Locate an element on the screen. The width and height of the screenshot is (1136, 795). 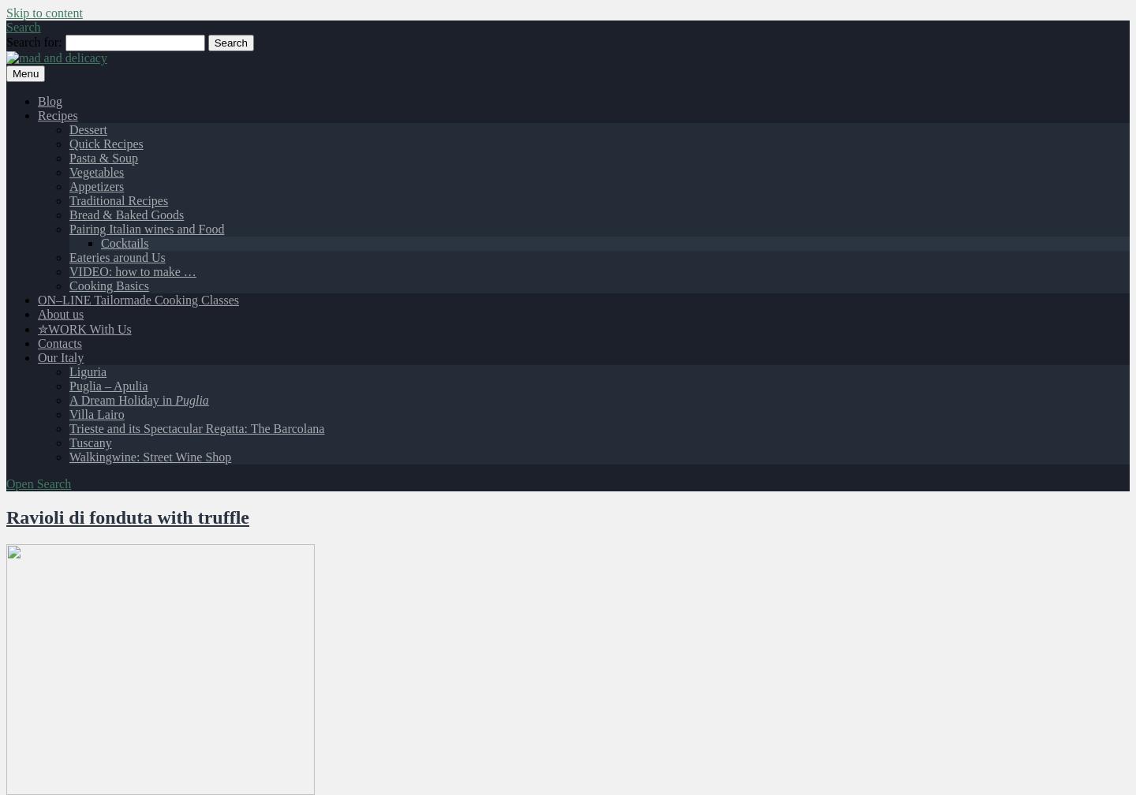
'mad and delicacy' is located at coordinates (50, 84).